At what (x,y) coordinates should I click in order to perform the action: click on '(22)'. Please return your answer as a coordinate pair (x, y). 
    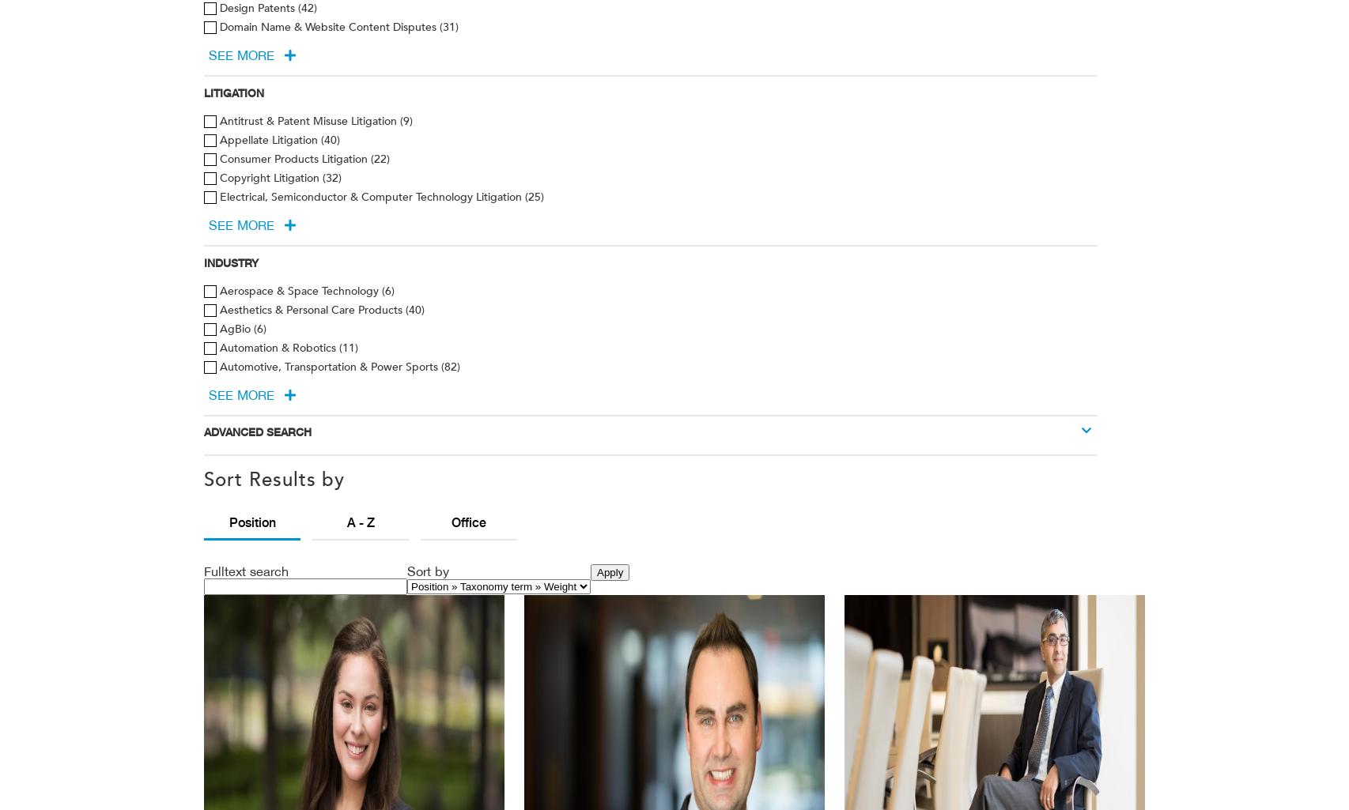
    Looking at the image, I should click on (379, 158).